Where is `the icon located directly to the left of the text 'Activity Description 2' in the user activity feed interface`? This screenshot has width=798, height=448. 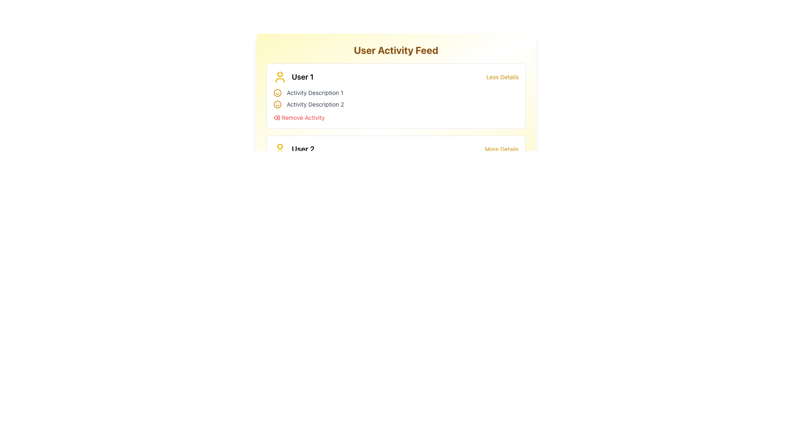 the icon located directly to the left of the text 'Activity Description 2' in the user activity feed interface is located at coordinates (277, 104).